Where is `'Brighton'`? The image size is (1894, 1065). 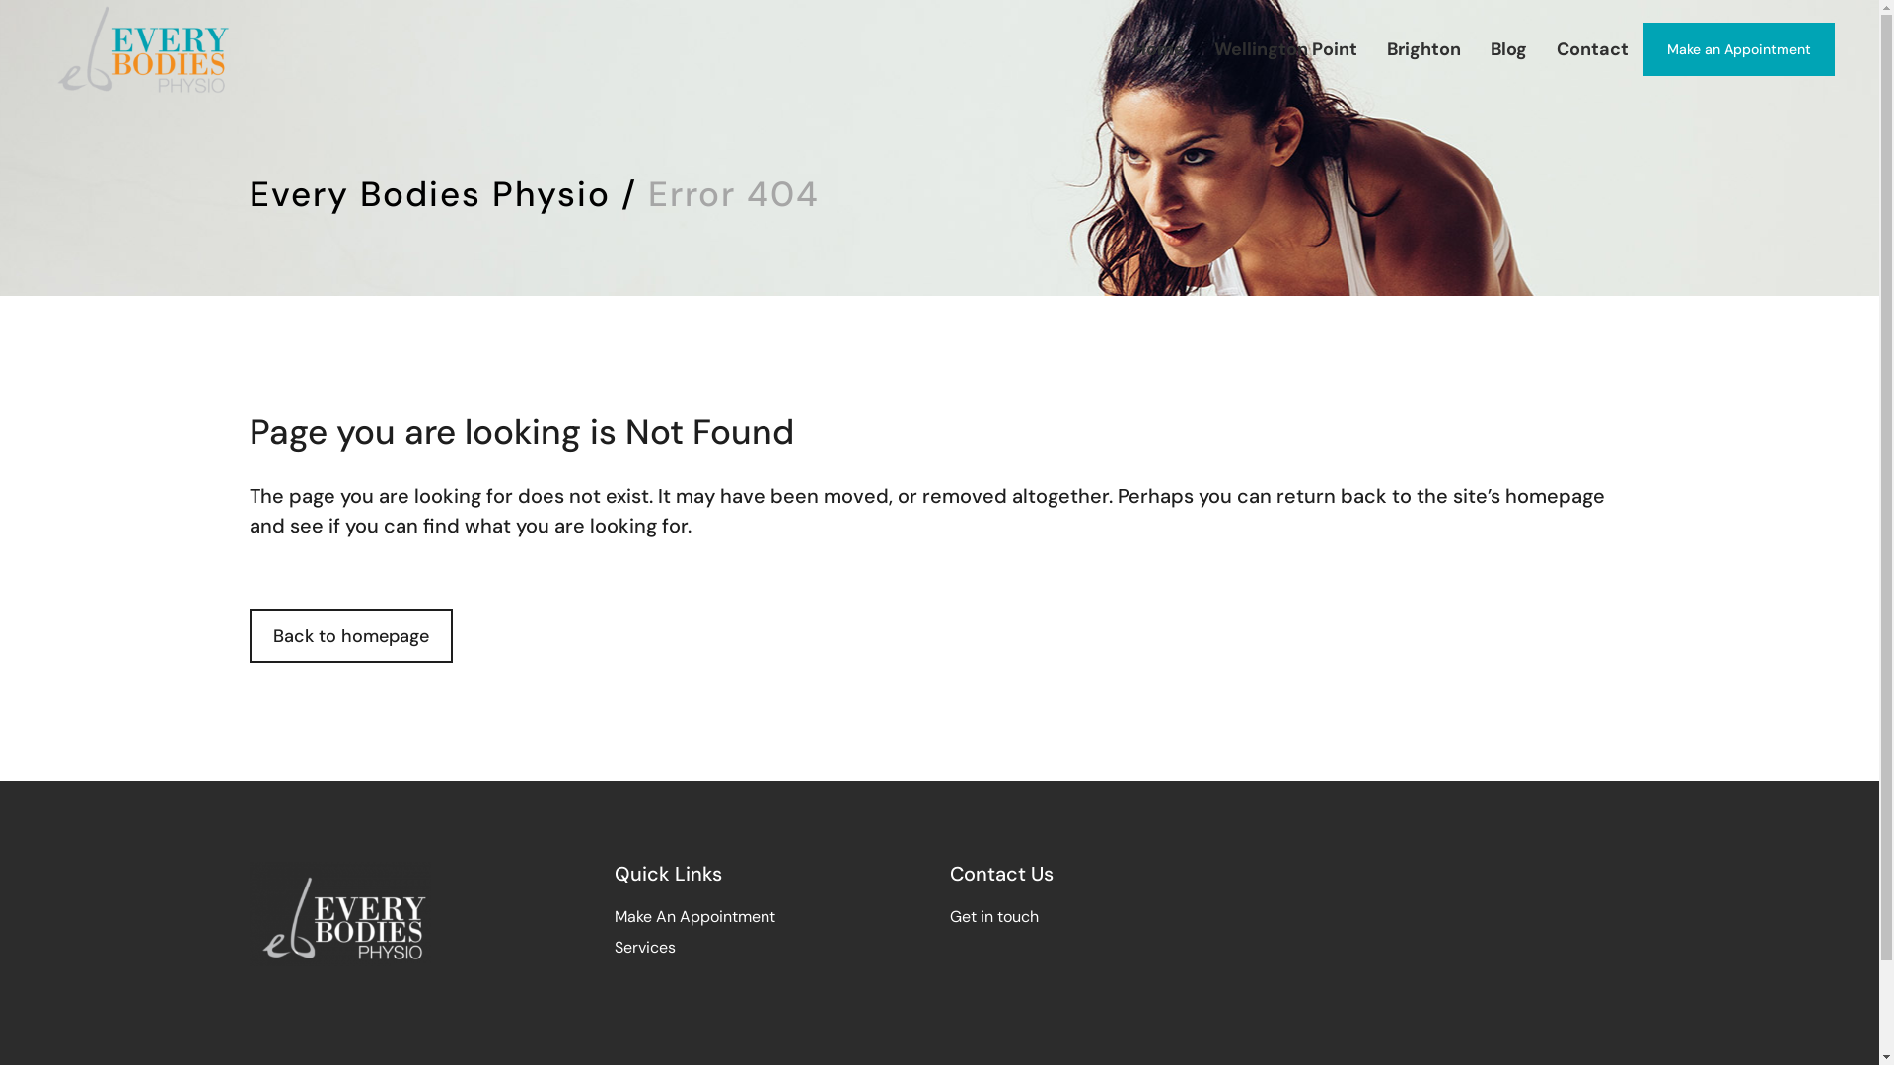 'Brighton' is located at coordinates (1371, 48).